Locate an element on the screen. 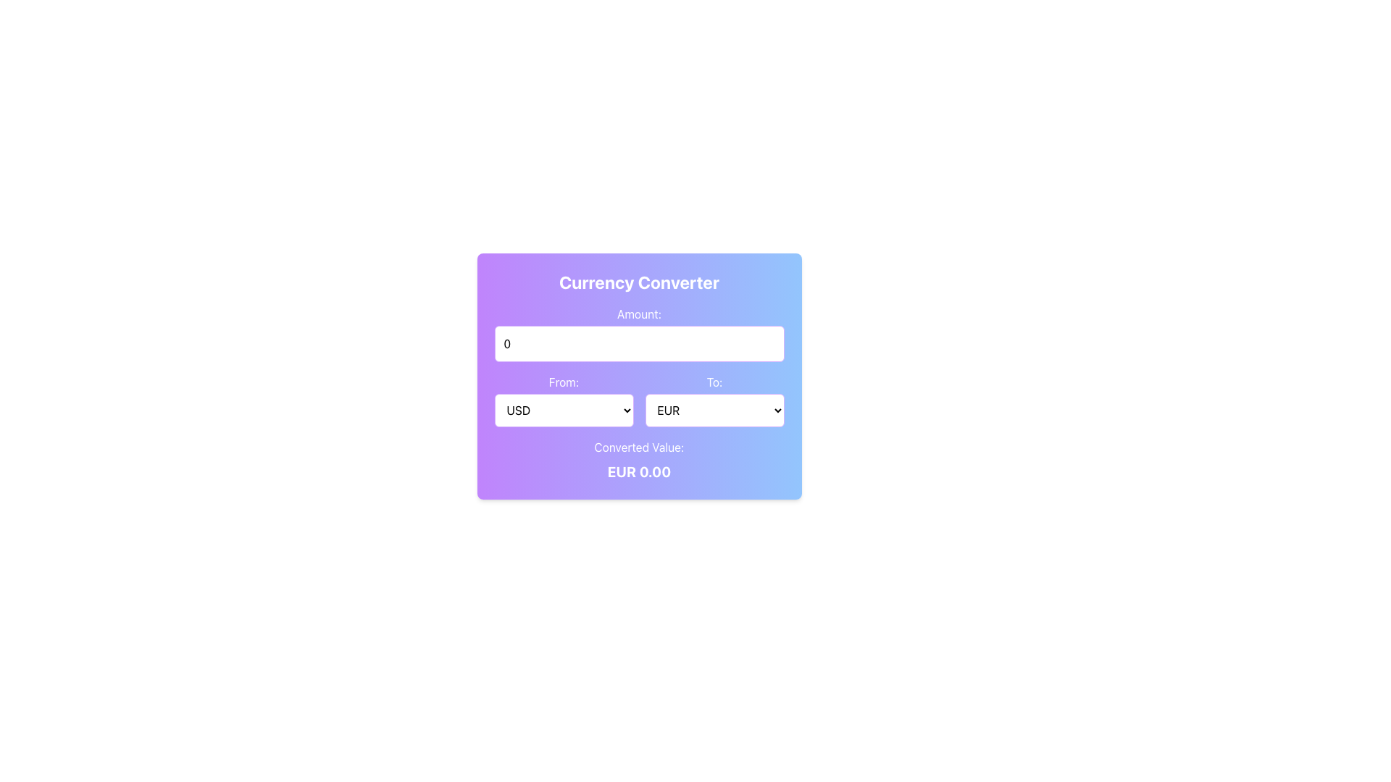  a currency from the dropdown menus located below the amount input field and above the 'Converted Value' text, specifically targeting the currency selector which is horizontally centered with 'From: USD' on the left and 'To: EUR' on the right is located at coordinates (638, 400).